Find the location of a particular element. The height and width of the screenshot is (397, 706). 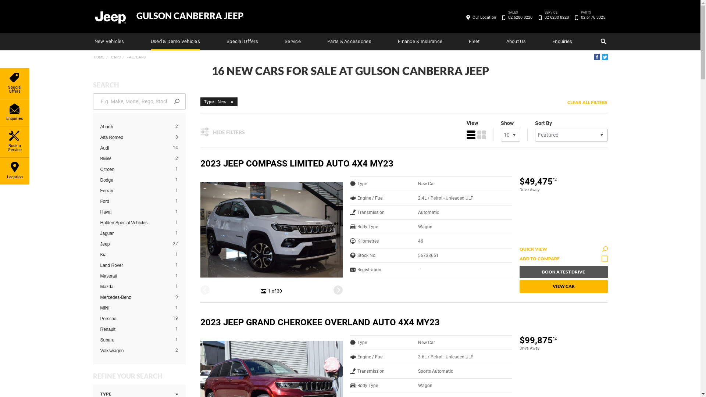

'Maserati' is located at coordinates (133, 276).